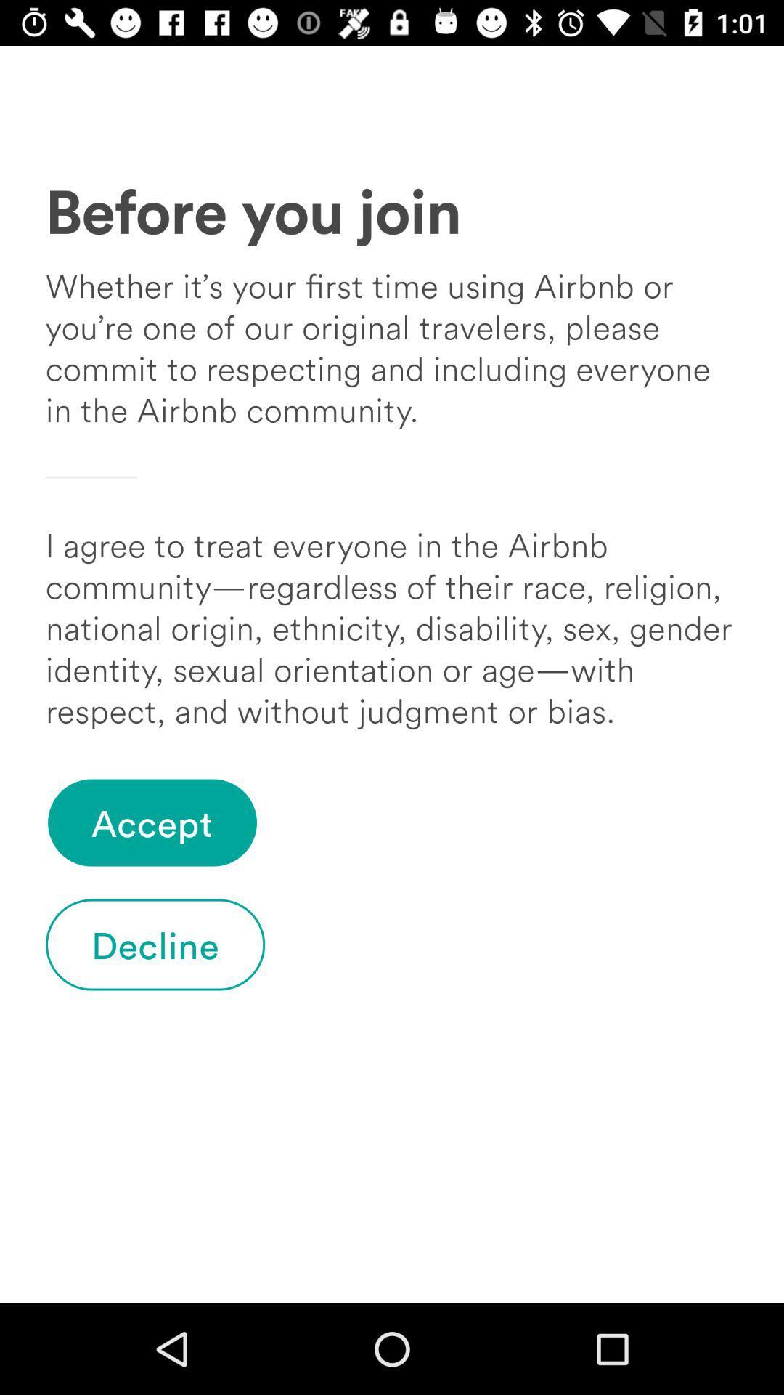  I want to click on icon at the bottom left corner, so click(155, 945).